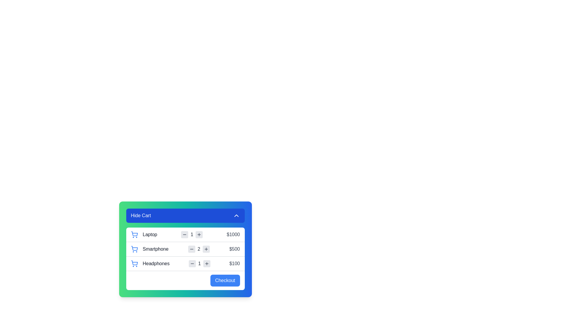  What do you see at coordinates (199, 249) in the screenshot?
I see `the quantity display of the 'Smartphone' product in the shopping cart interface` at bounding box center [199, 249].